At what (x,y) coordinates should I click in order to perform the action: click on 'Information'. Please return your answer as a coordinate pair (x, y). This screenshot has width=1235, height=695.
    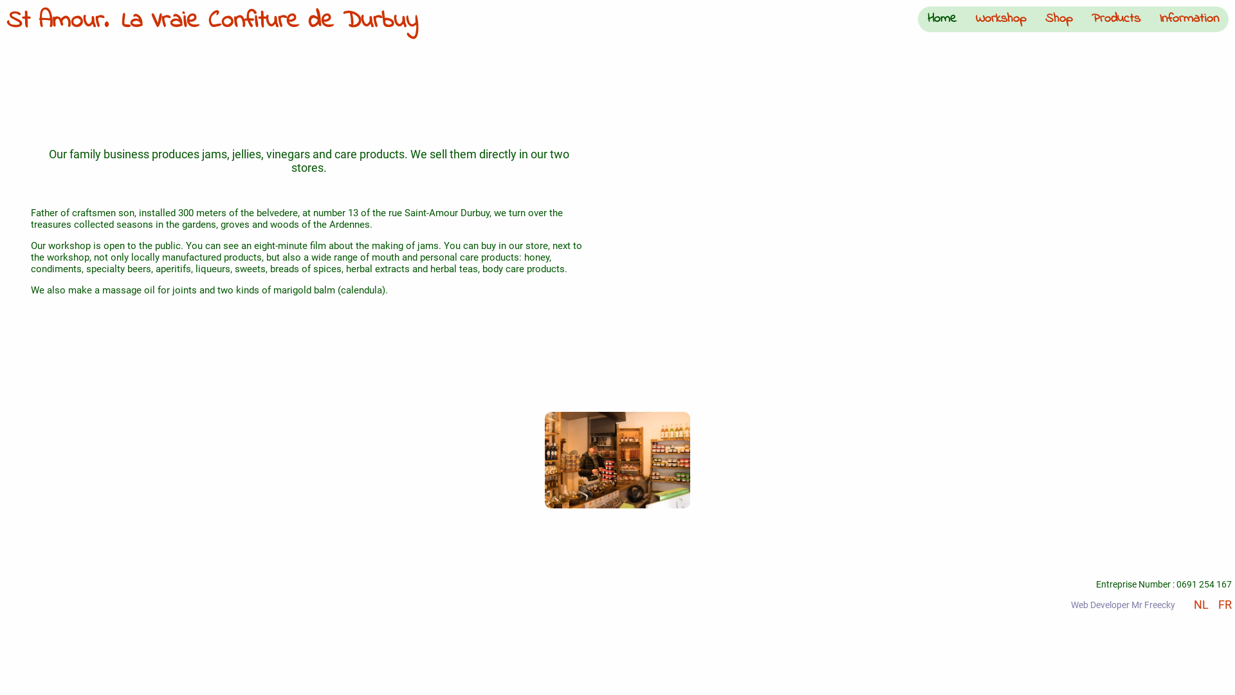
    Looking at the image, I should click on (1188, 19).